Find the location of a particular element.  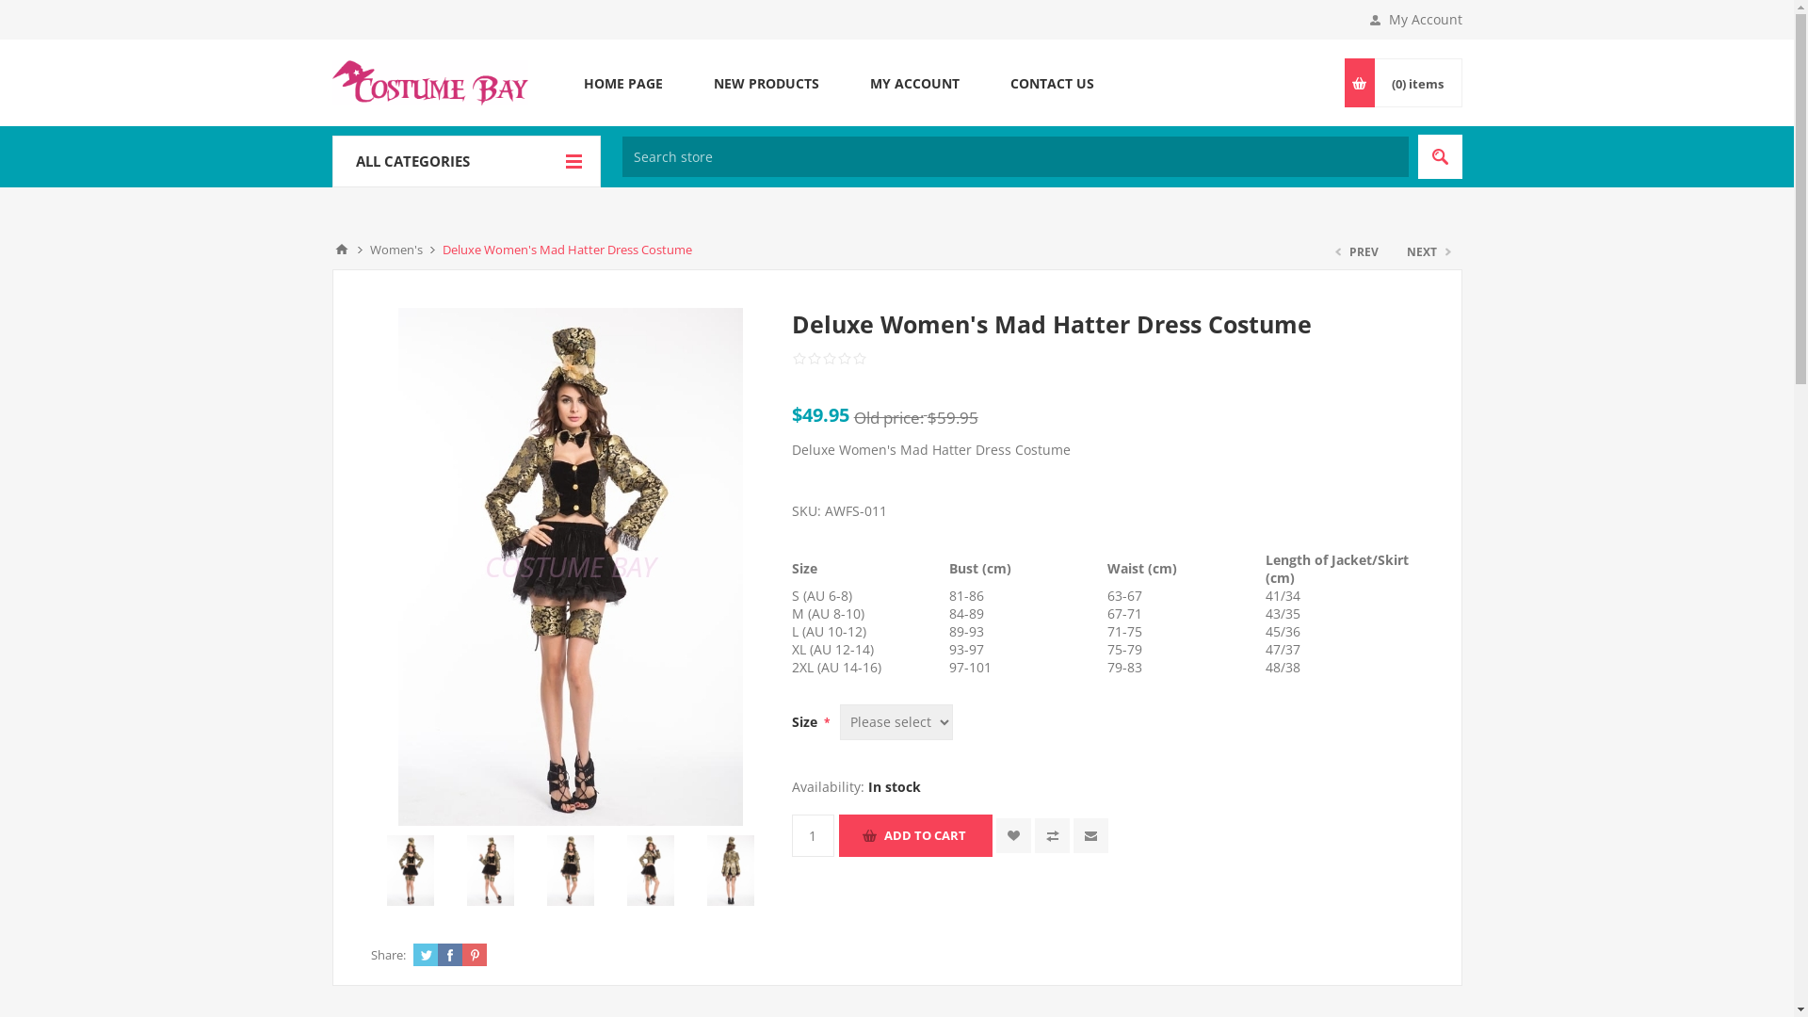

'MY ACCOUNT' is located at coordinates (913, 82).